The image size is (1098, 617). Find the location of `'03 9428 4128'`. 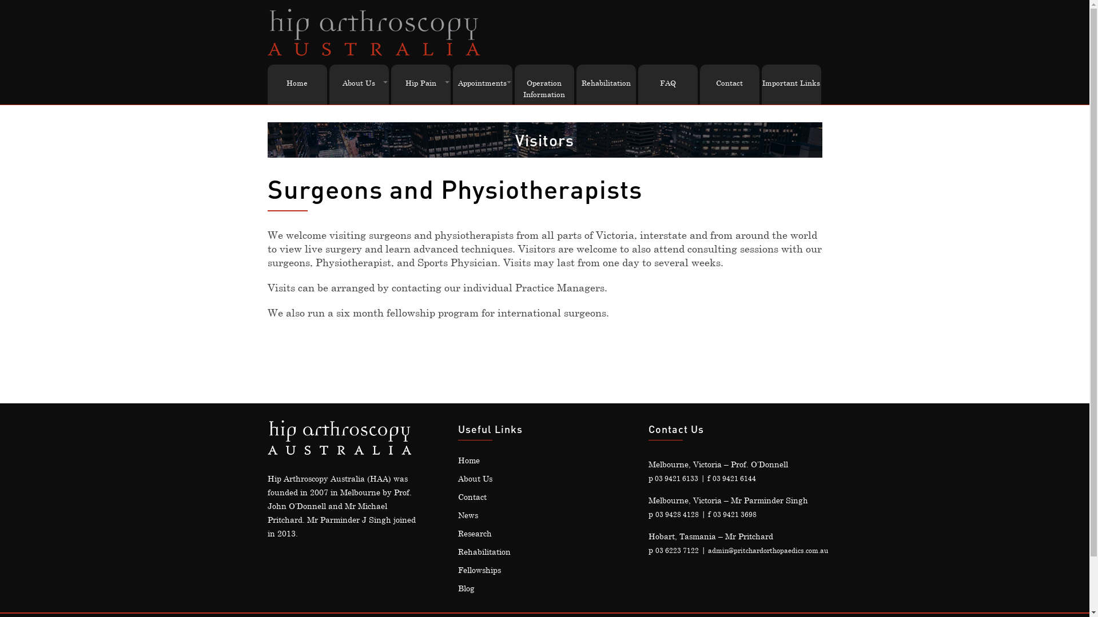

'03 9428 4128' is located at coordinates (655, 513).